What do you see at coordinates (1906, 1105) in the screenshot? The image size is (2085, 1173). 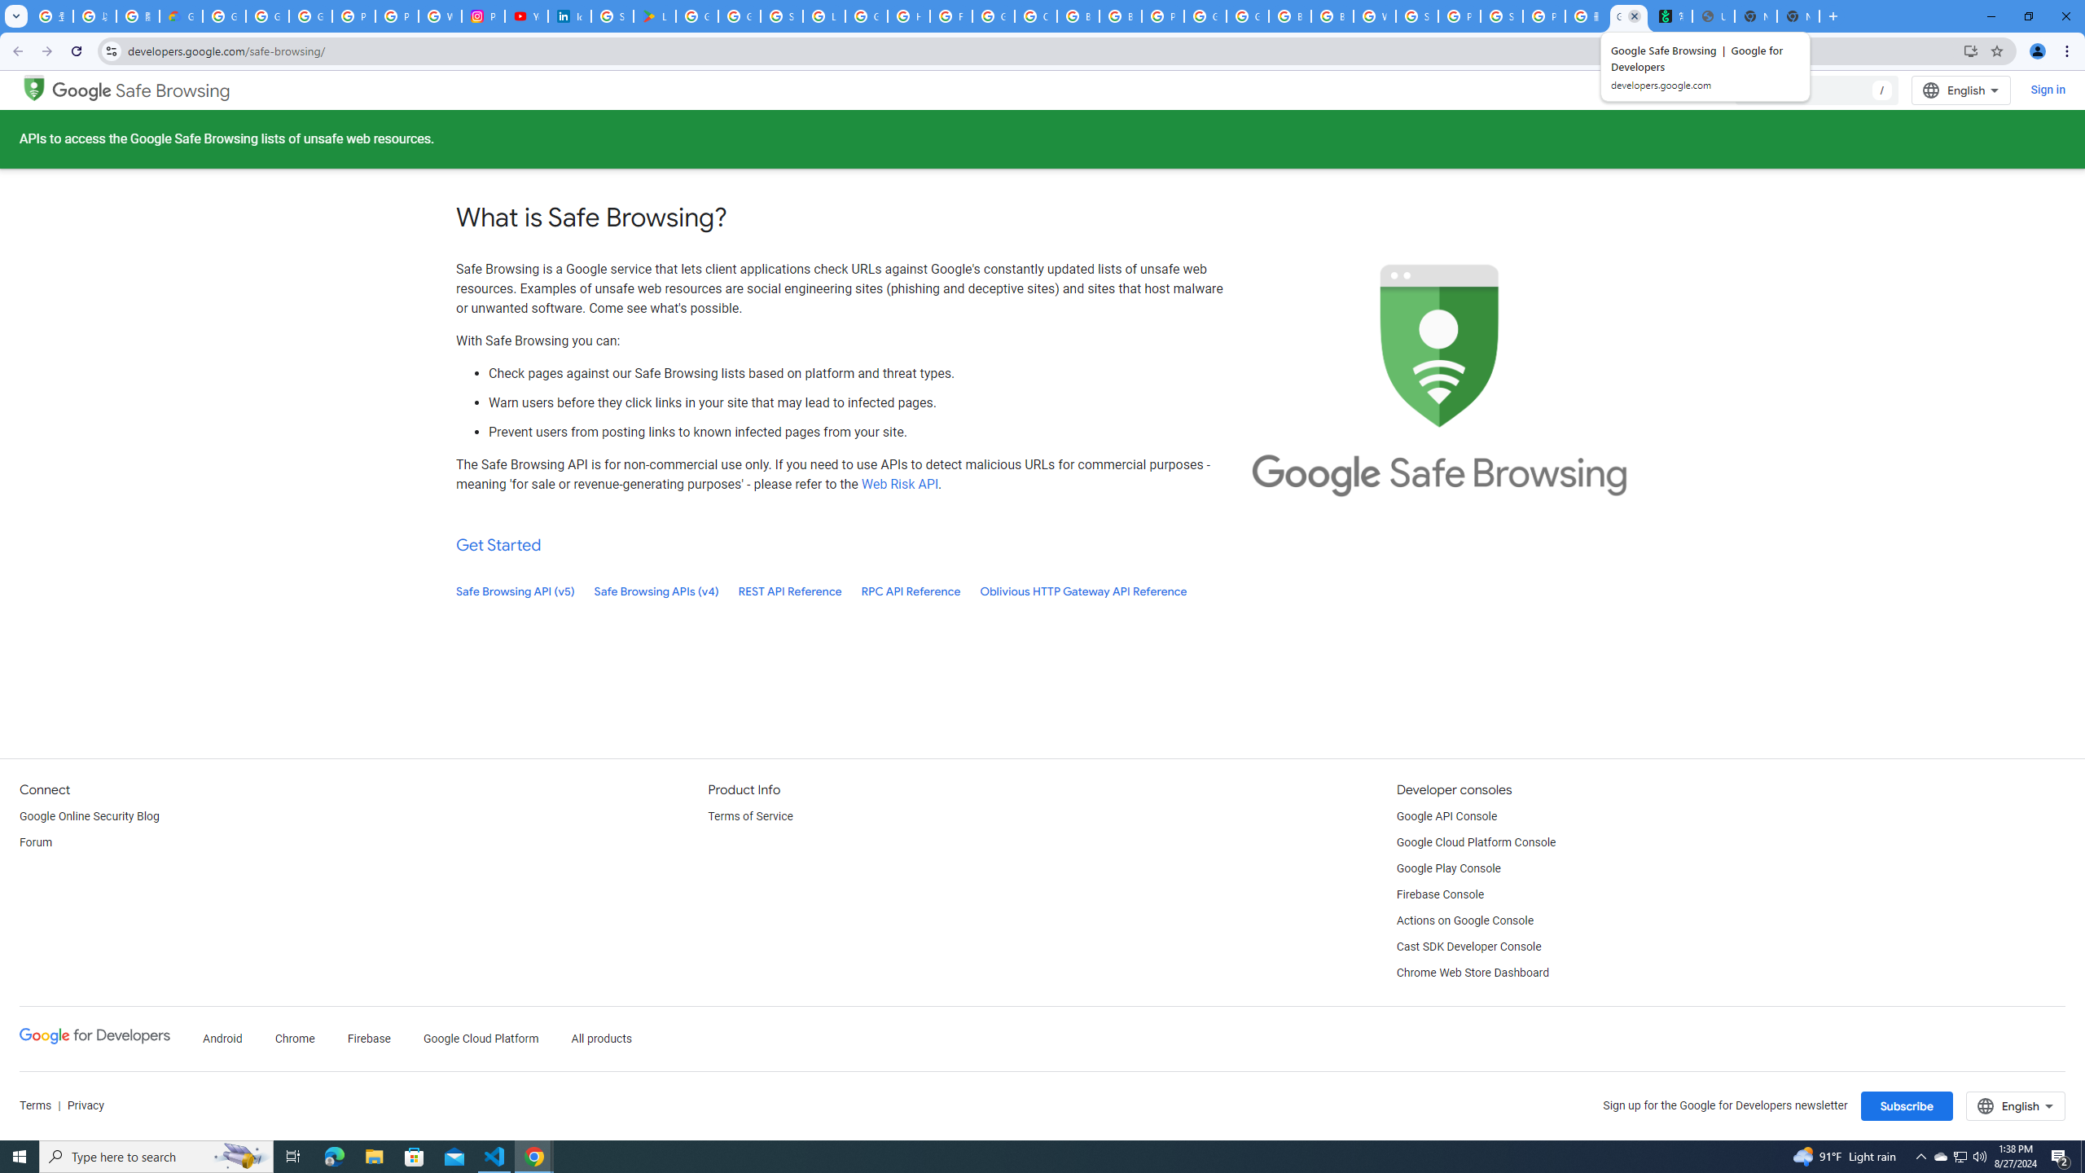 I see `'Subscribe'` at bounding box center [1906, 1105].